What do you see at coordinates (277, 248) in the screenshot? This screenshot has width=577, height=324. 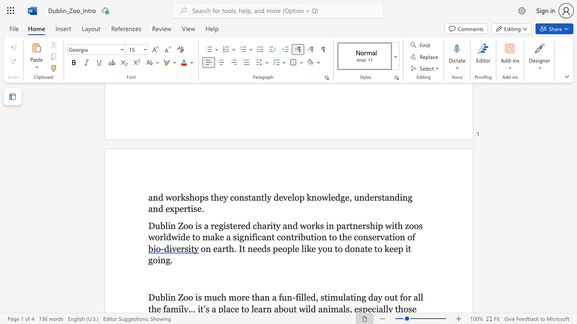 I see `the subset text "eop" within the text "on earth. It needs people like you to donate to keep it going."` at bounding box center [277, 248].